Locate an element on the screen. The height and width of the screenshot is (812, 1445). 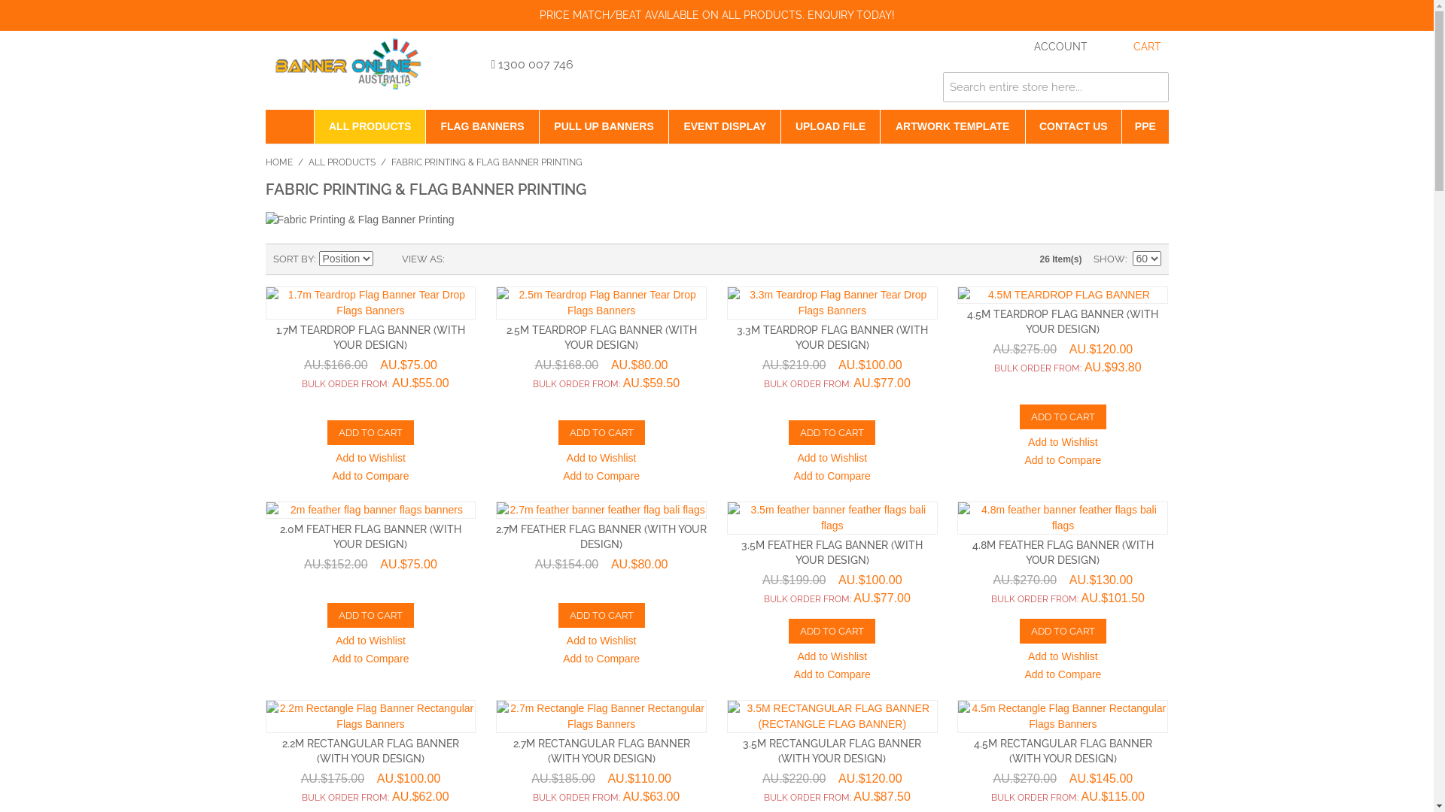
'CART' is located at coordinates (1133, 46).